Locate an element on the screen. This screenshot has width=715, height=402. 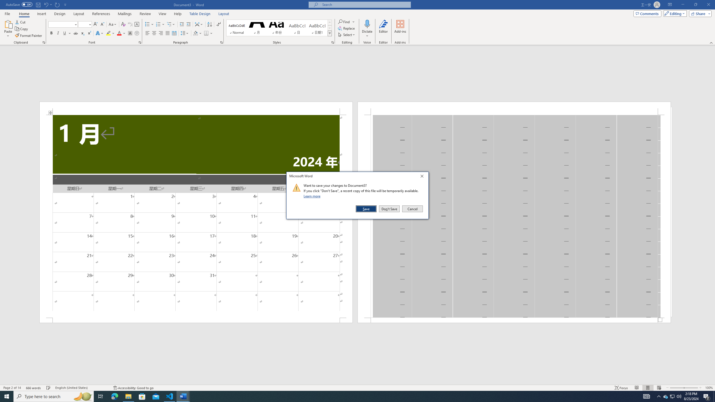
'Bold' is located at coordinates (51, 33).